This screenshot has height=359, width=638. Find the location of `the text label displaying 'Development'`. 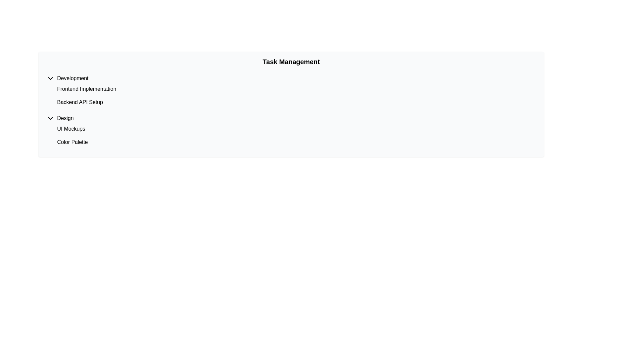

the text label displaying 'Development' is located at coordinates (73, 78).